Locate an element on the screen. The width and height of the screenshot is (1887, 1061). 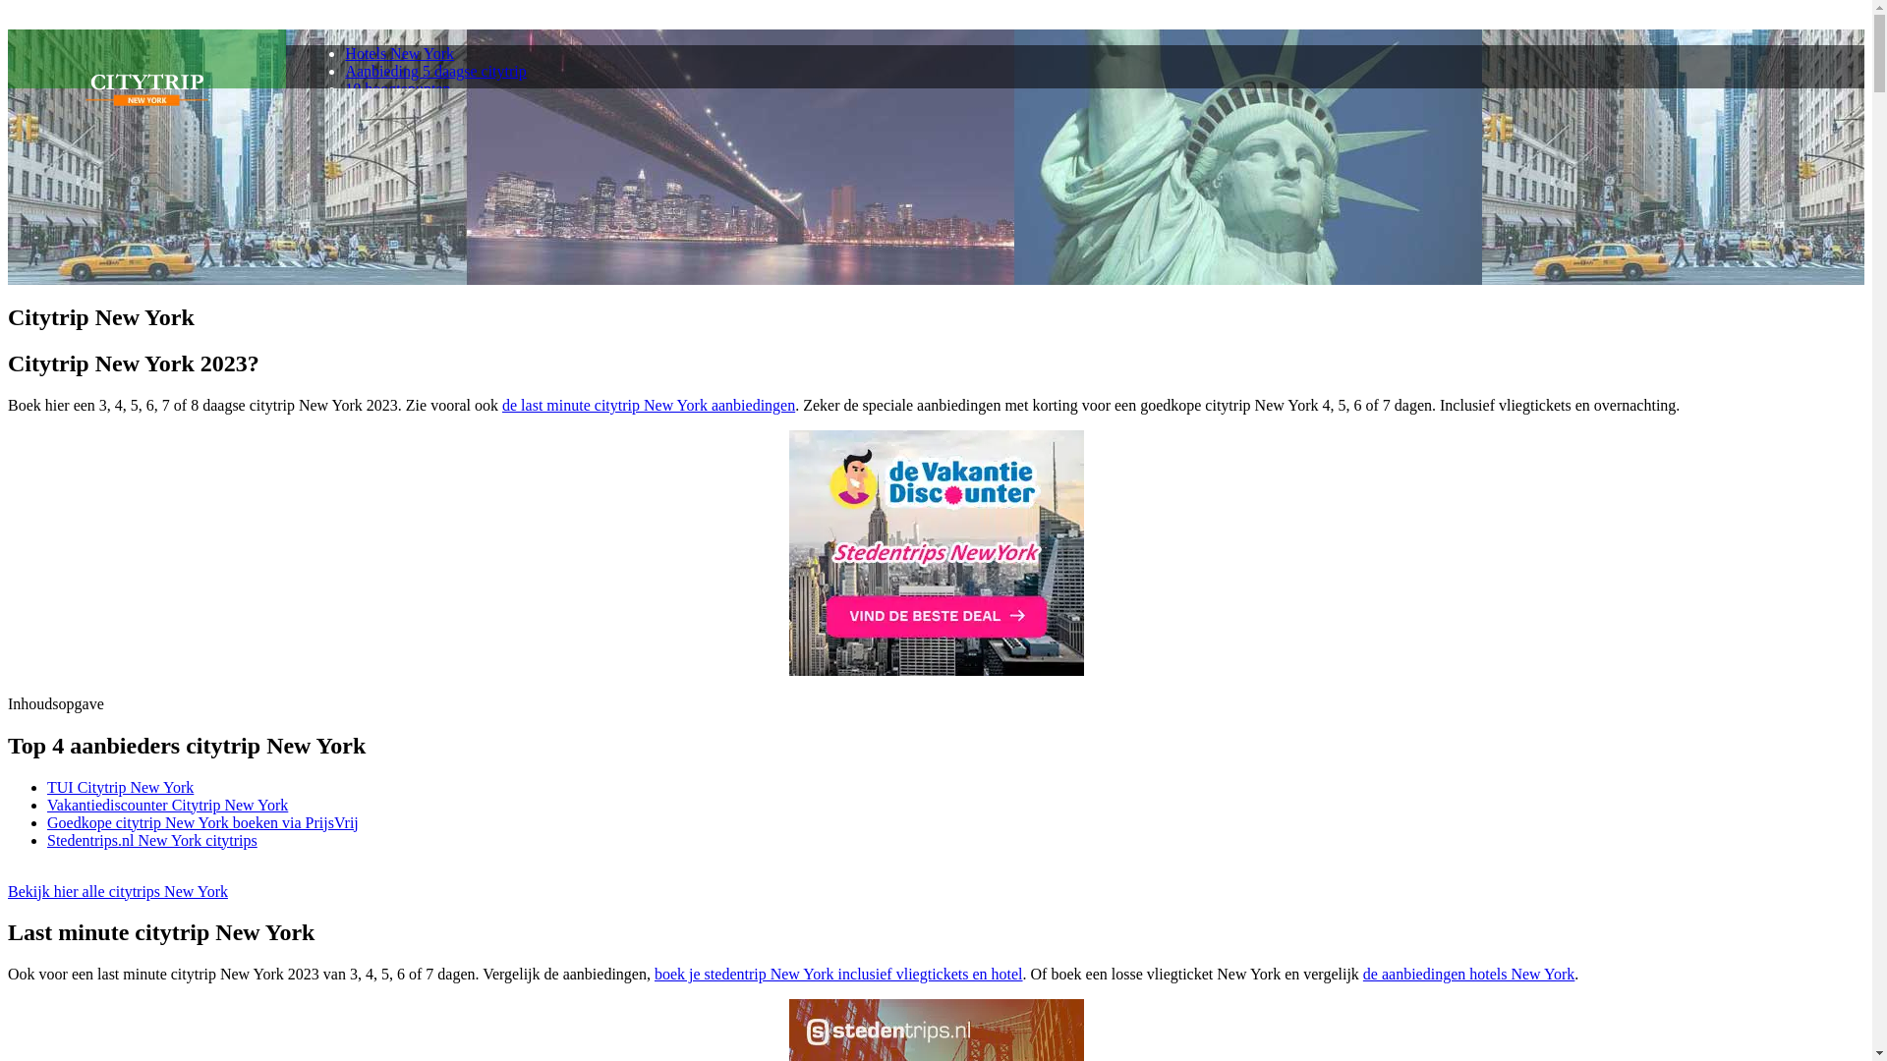
'10 hoogtepunten' is located at coordinates (344, 88).